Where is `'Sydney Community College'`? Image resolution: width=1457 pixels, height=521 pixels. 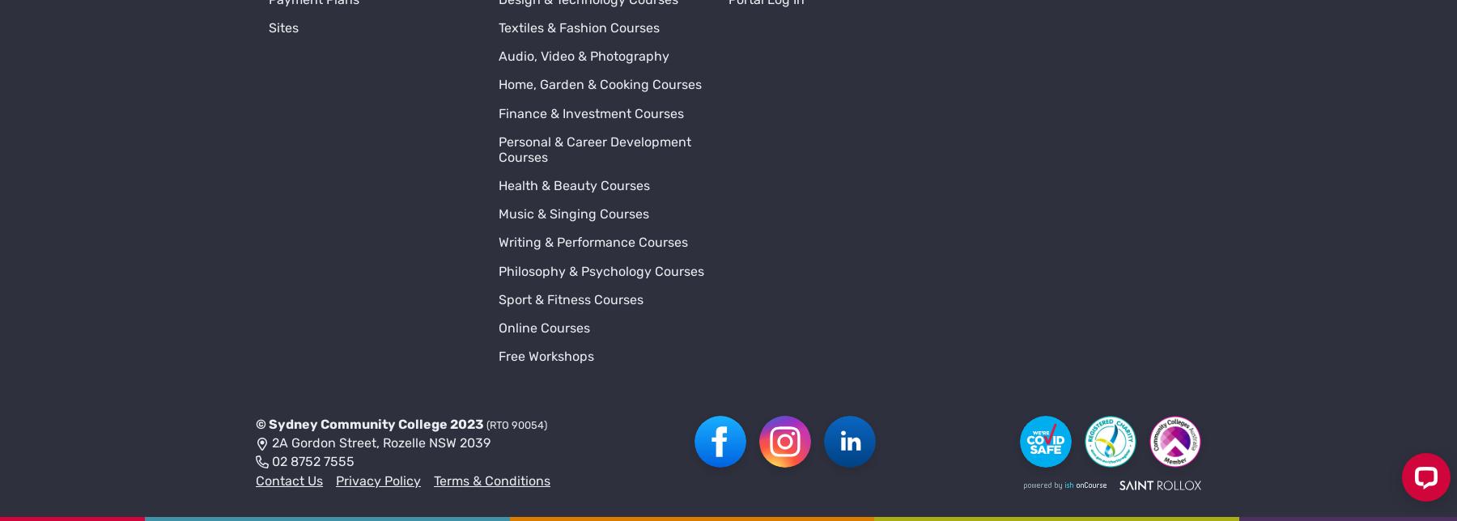
'Sydney Community College' is located at coordinates (358, 197).